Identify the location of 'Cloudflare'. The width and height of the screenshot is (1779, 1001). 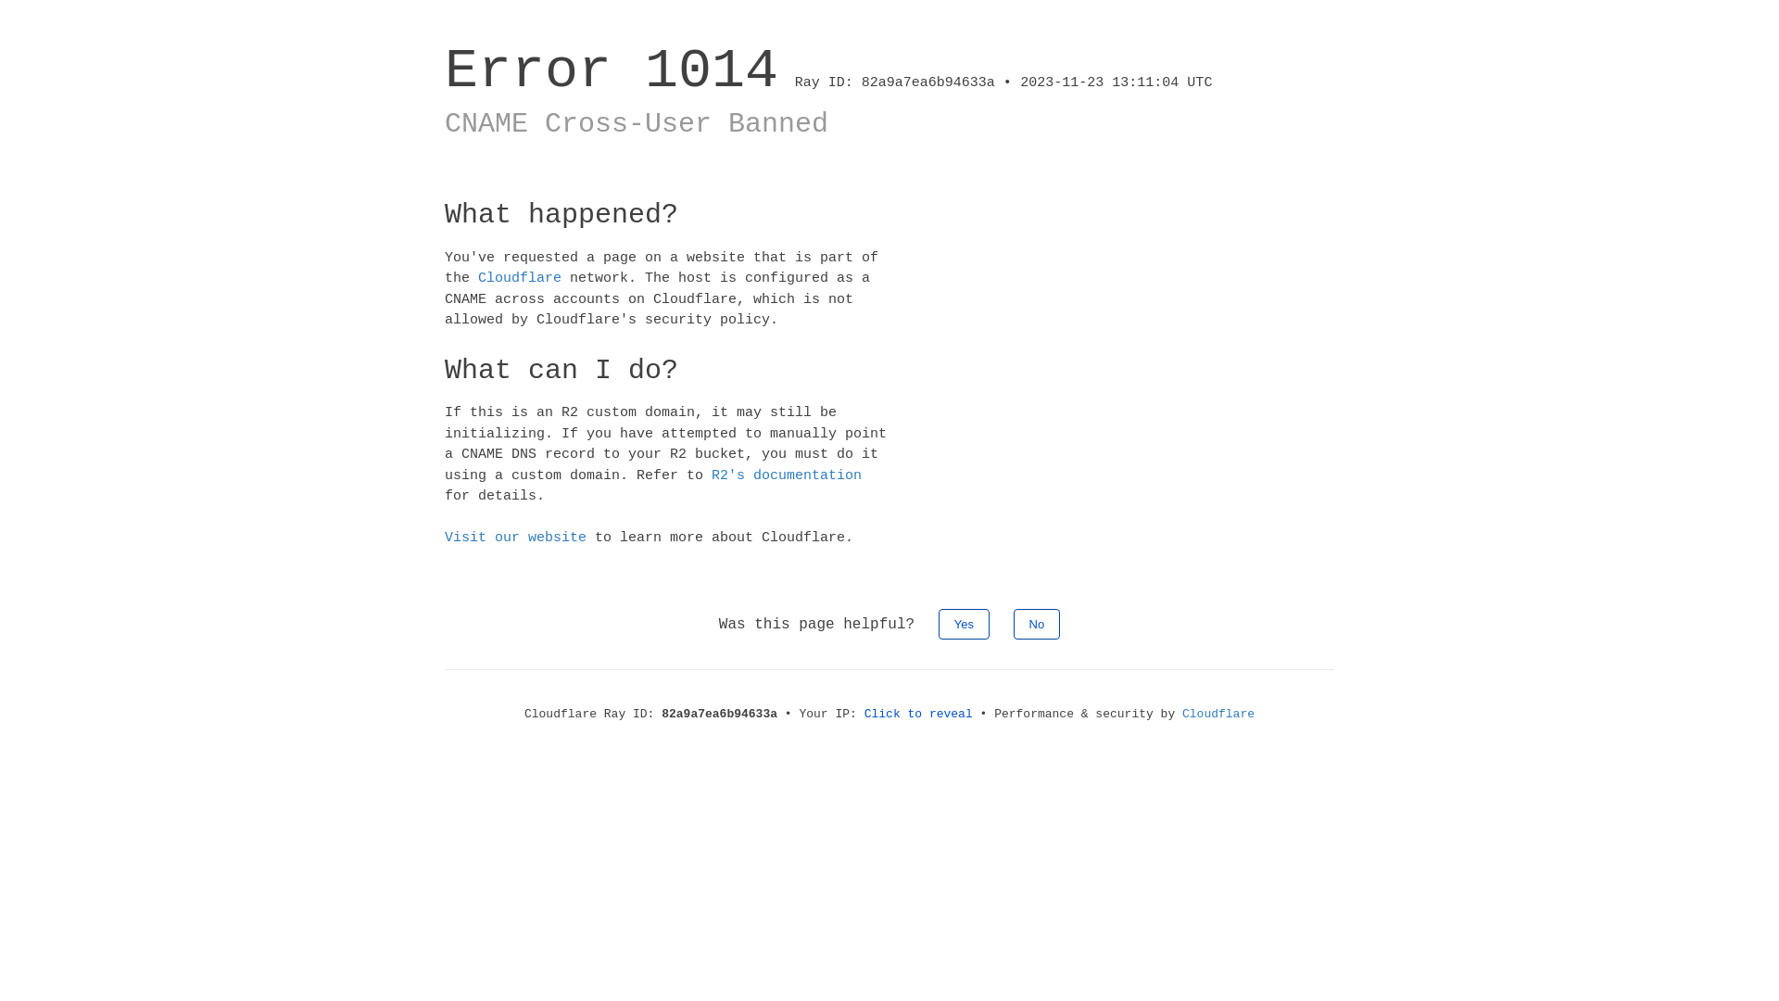
(519, 278).